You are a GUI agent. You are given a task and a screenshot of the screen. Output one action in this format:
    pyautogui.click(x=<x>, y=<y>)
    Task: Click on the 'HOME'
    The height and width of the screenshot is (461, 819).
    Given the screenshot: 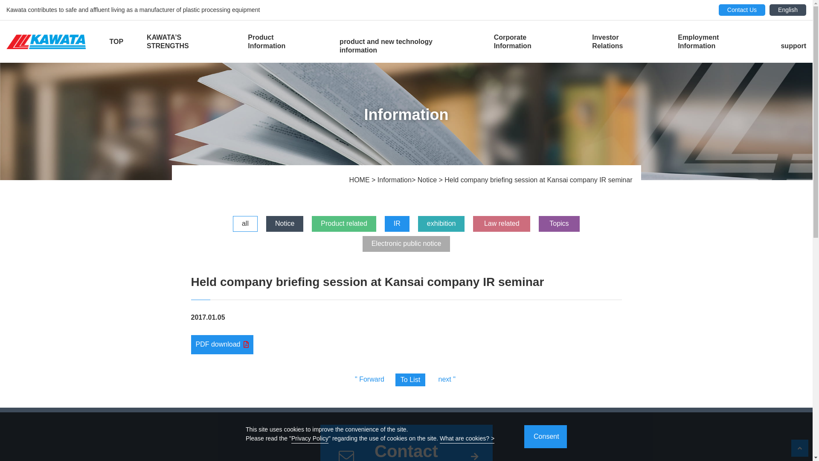 What is the action you would take?
    pyautogui.click(x=360, y=179)
    